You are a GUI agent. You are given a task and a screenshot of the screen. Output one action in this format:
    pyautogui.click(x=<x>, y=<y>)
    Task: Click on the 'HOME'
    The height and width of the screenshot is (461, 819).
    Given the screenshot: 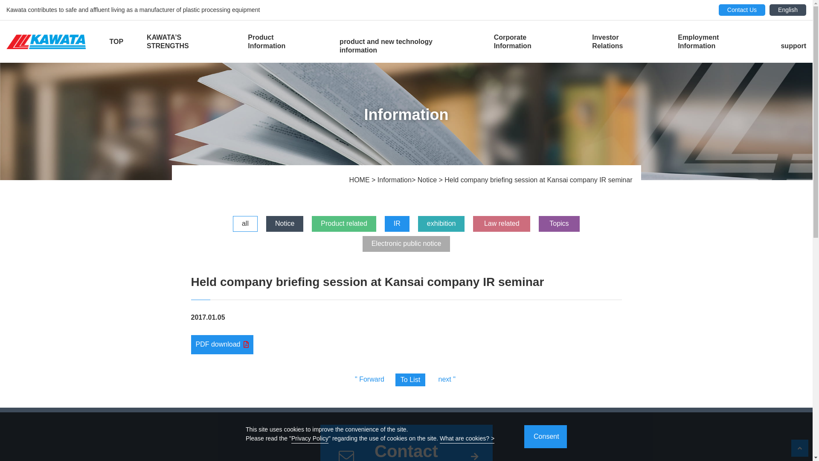 What is the action you would take?
    pyautogui.click(x=360, y=179)
    